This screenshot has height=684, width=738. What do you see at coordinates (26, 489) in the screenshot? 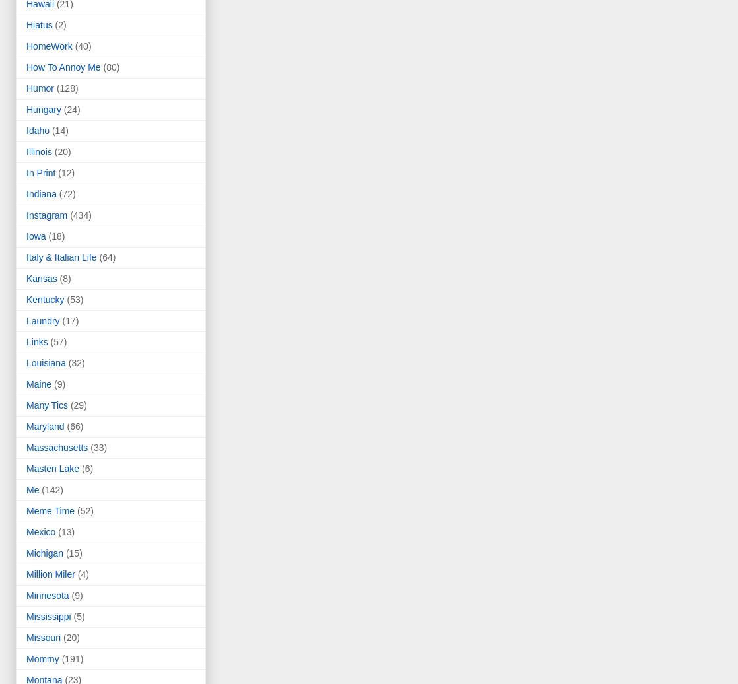
I see `'Me'` at bounding box center [26, 489].